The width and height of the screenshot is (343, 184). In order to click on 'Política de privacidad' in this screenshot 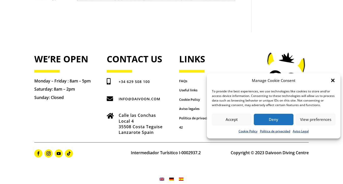, I will do `click(196, 118)`.